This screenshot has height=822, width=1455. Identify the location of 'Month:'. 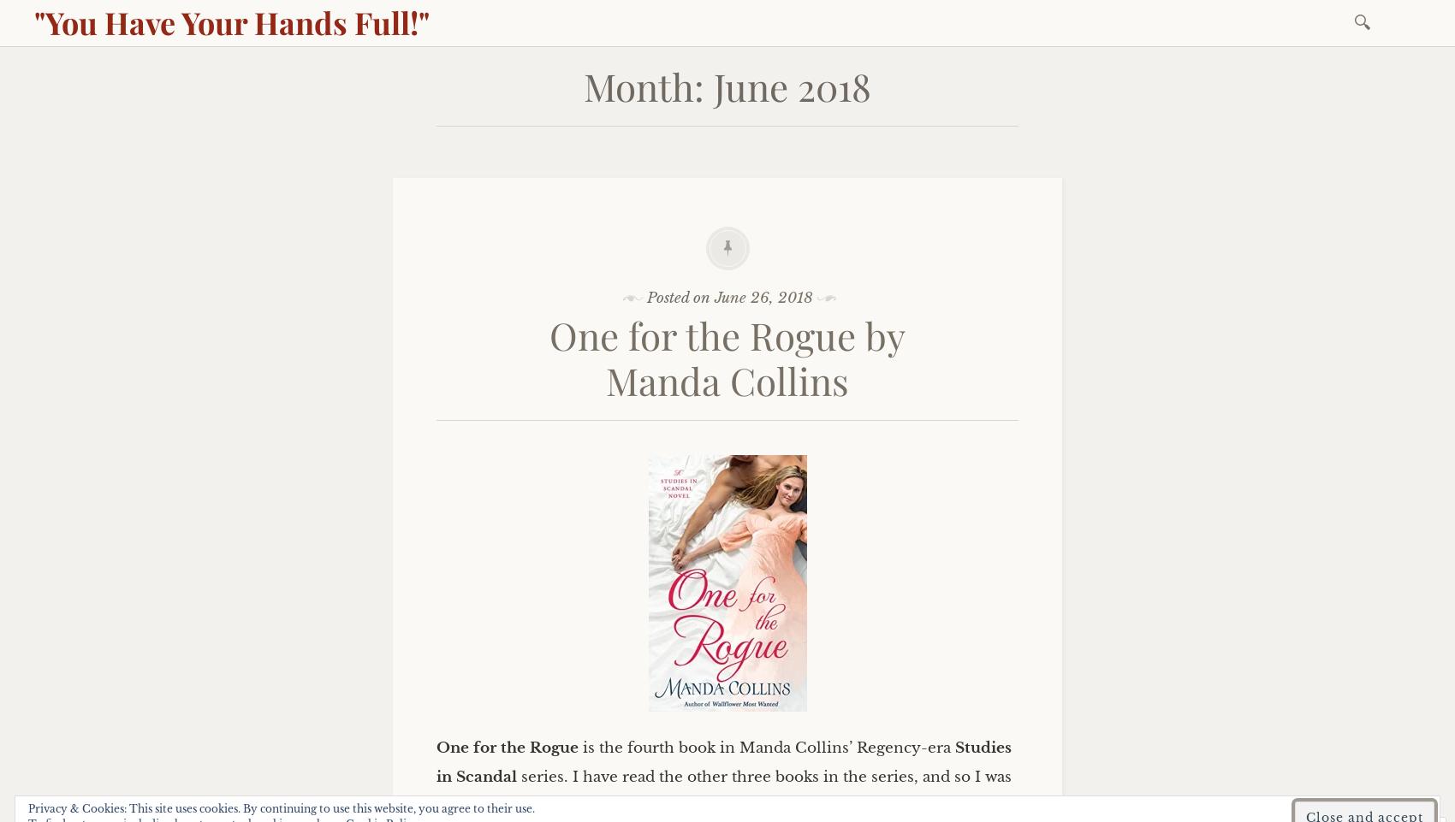
(648, 85).